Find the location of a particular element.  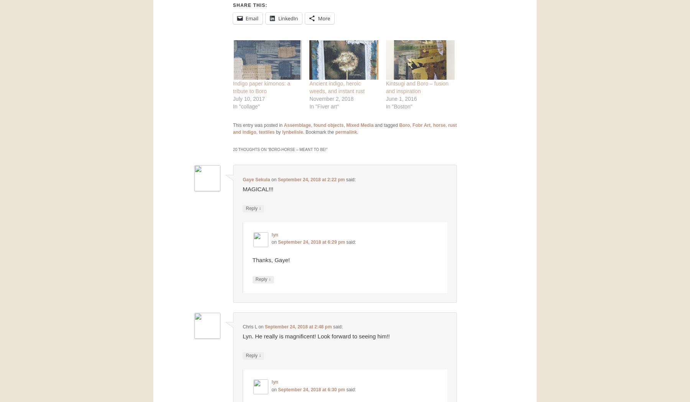

'Fobr Art' is located at coordinates (421, 125).